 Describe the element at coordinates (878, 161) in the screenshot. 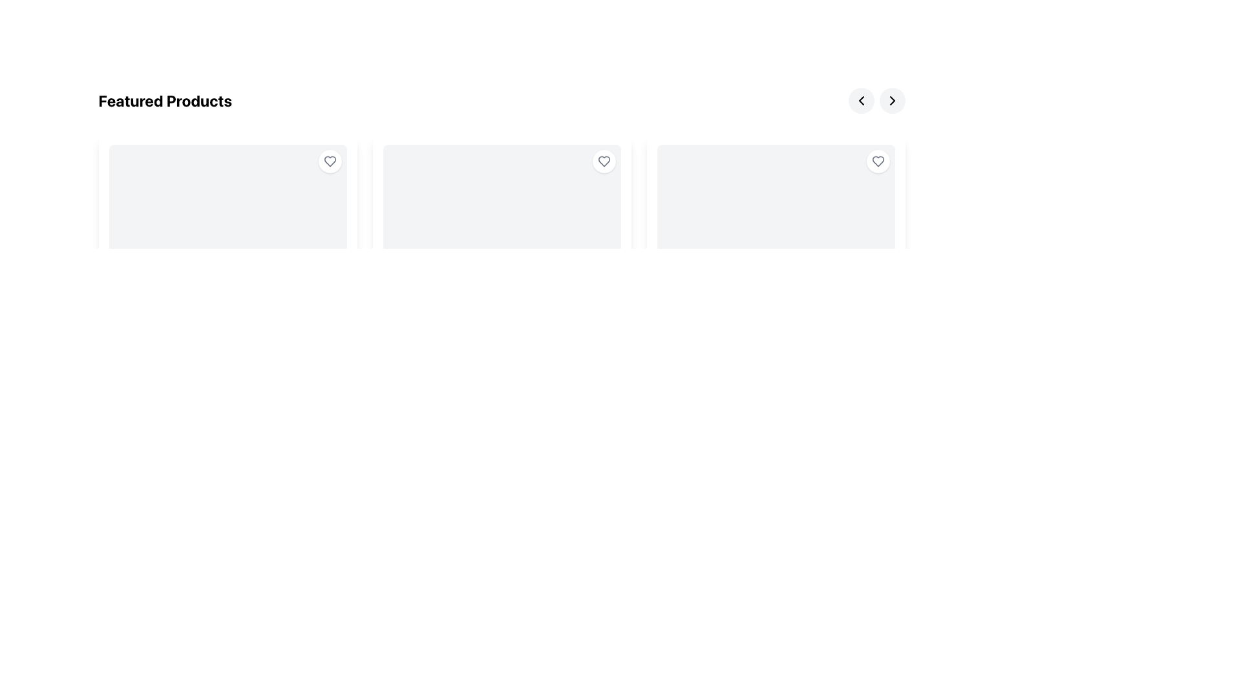

I see `the Heart icon located in the top-right corner of the last card in the row, which is styled with a gray color transitioning to red when hovered` at that location.